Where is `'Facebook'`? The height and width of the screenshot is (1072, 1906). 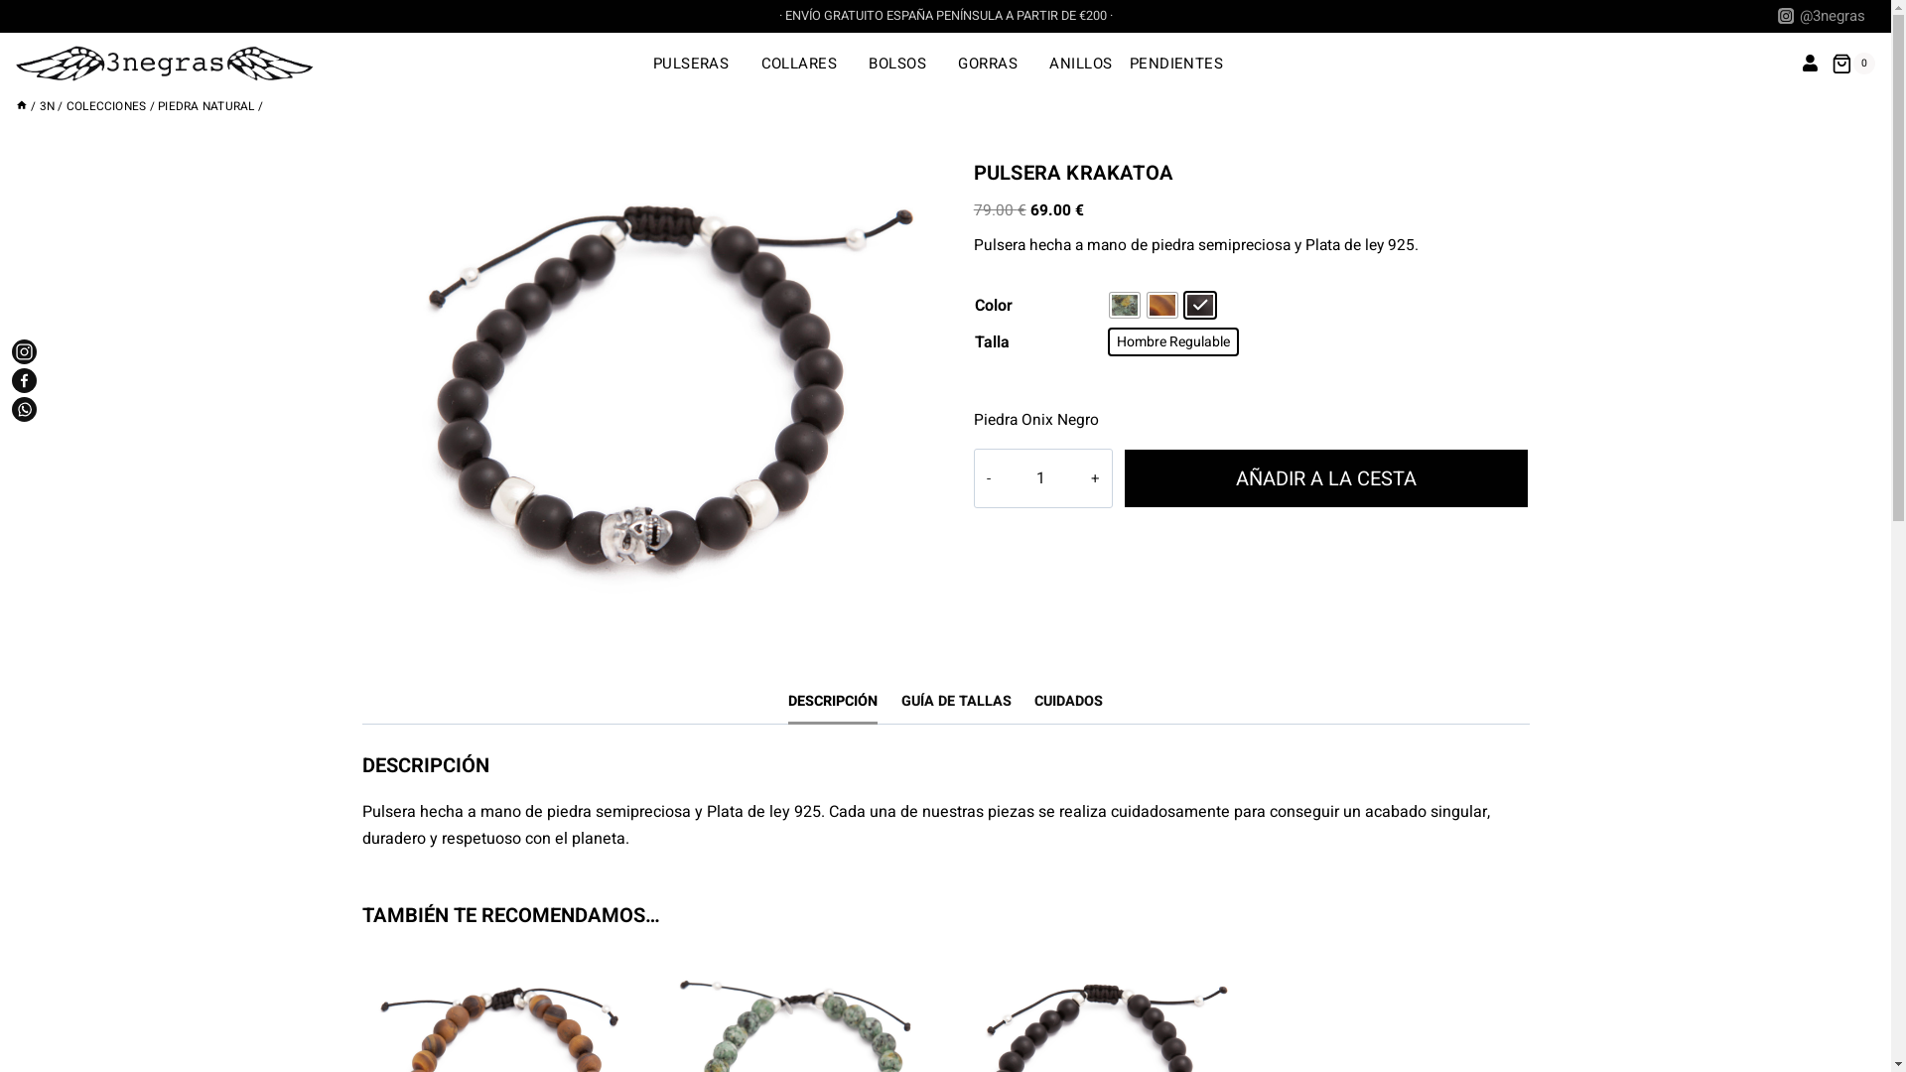
'Facebook' is located at coordinates (24, 380).